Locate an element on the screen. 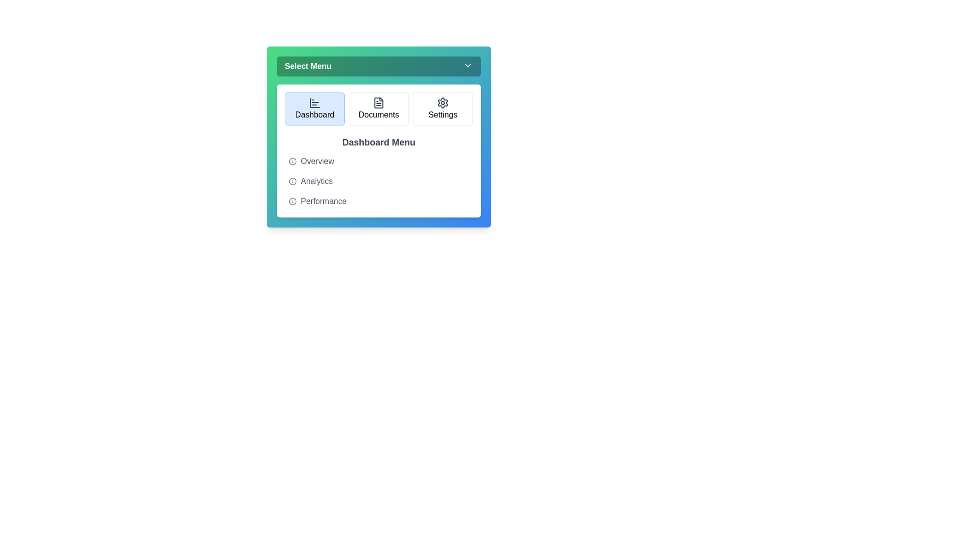 The height and width of the screenshot is (540, 961). the decorative icon within the 'Documents' button, which enhances navigation to the documents-related section is located at coordinates (378, 102).